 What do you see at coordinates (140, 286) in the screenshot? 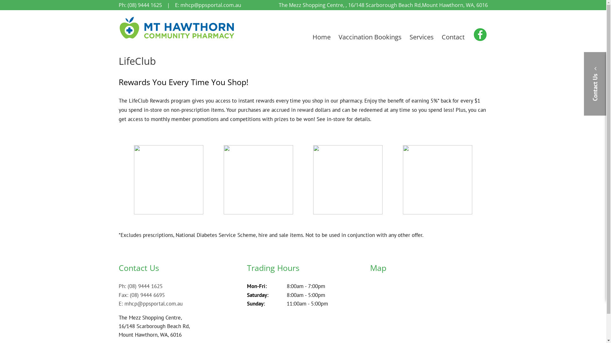
I see `'Ph: (08) 9444 1625'` at bounding box center [140, 286].